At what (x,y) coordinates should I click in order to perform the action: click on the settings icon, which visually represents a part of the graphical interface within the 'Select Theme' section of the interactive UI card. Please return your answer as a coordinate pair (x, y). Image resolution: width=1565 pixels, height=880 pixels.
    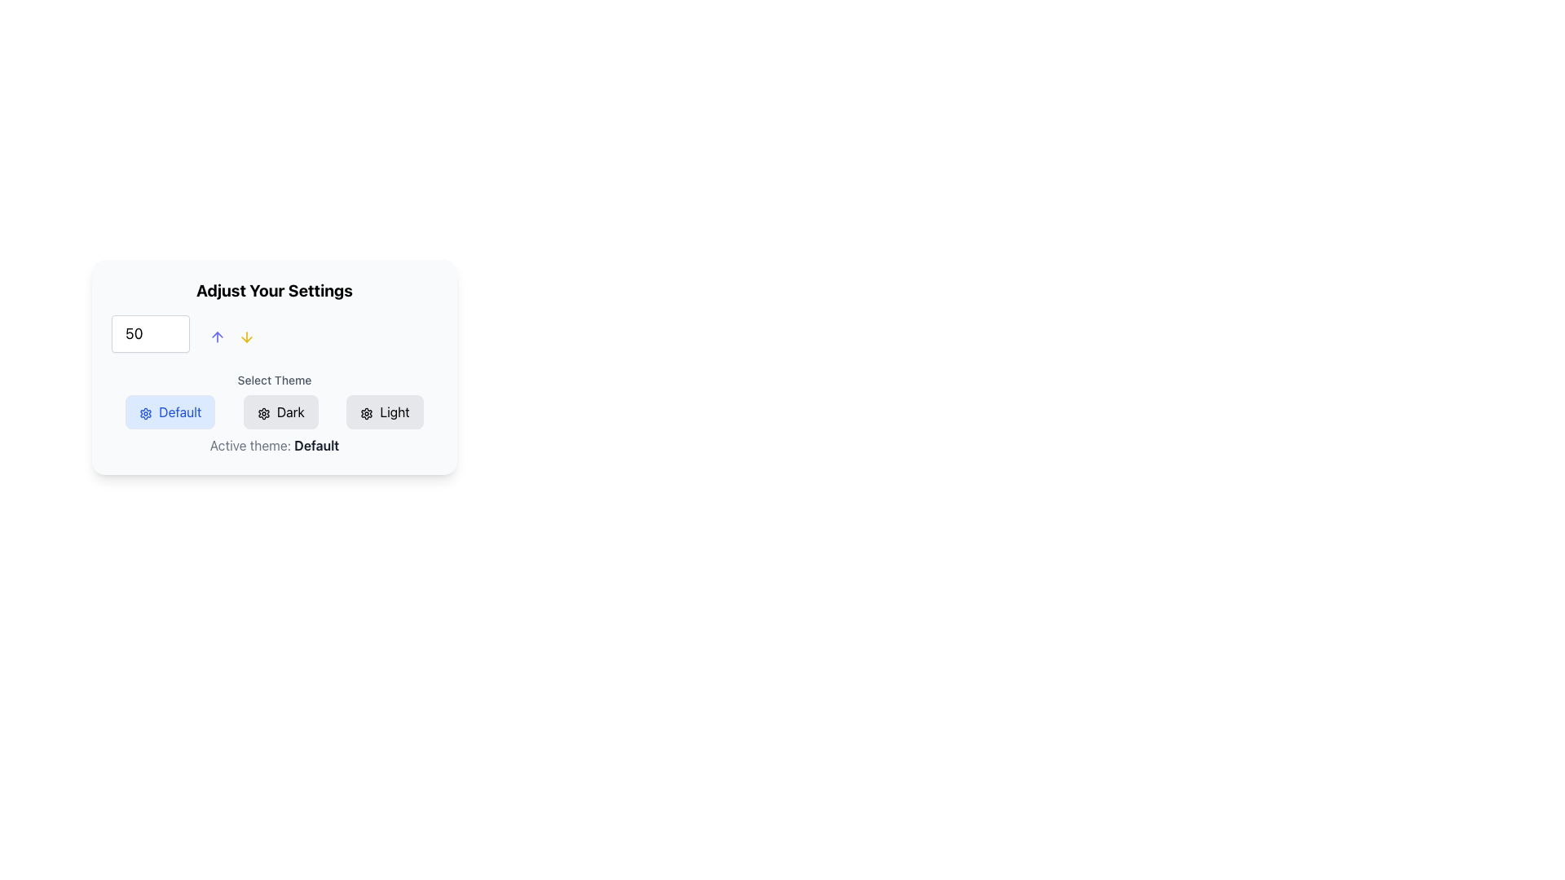
    Looking at the image, I should click on (146, 412).